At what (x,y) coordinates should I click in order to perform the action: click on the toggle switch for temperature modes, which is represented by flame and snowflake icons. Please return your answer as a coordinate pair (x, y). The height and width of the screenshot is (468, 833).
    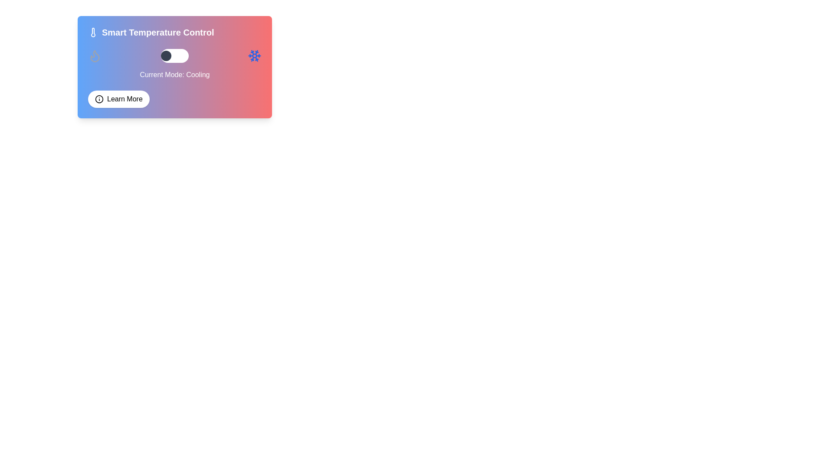
    Looking at the image, I should click on (174, 55).